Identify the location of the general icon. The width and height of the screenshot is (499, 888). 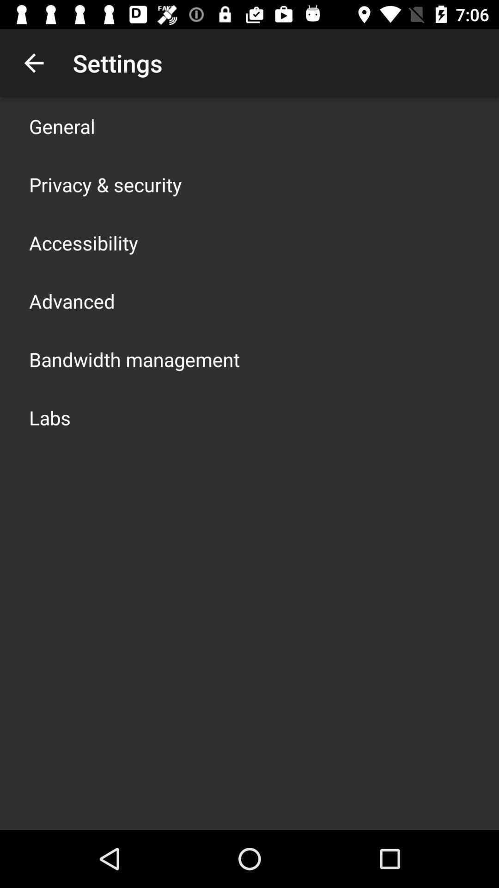
(62, 126).